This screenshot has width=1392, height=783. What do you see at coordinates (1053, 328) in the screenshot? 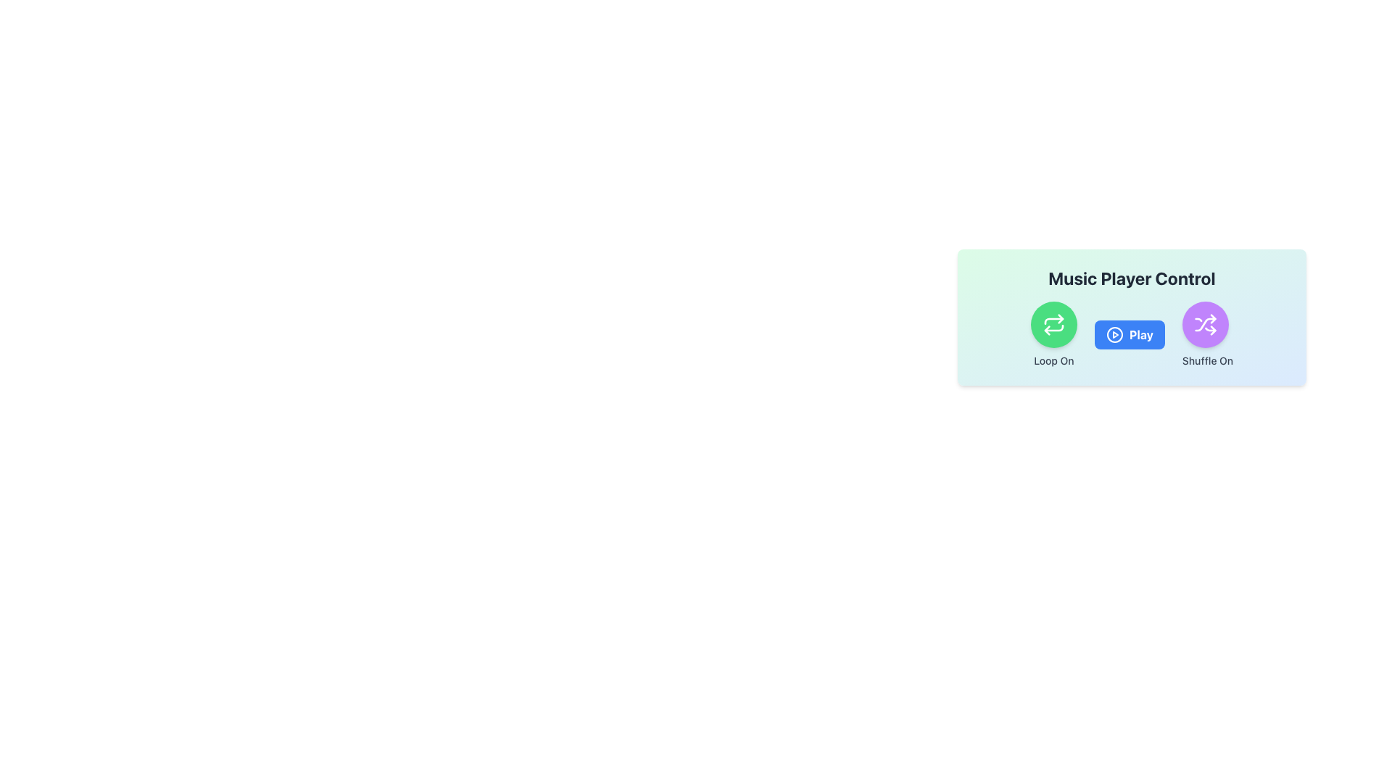
I see `the 'repeat or loop functionality icon' element located on the left side of the music player control panel` at bounding box center [1053, 328].